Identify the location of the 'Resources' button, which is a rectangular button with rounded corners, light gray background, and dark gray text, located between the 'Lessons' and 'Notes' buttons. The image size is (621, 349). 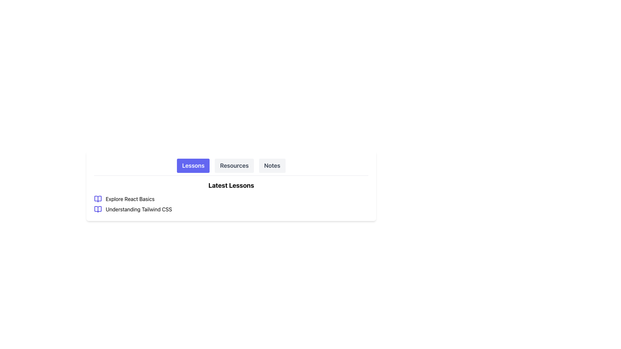
(234, 165).